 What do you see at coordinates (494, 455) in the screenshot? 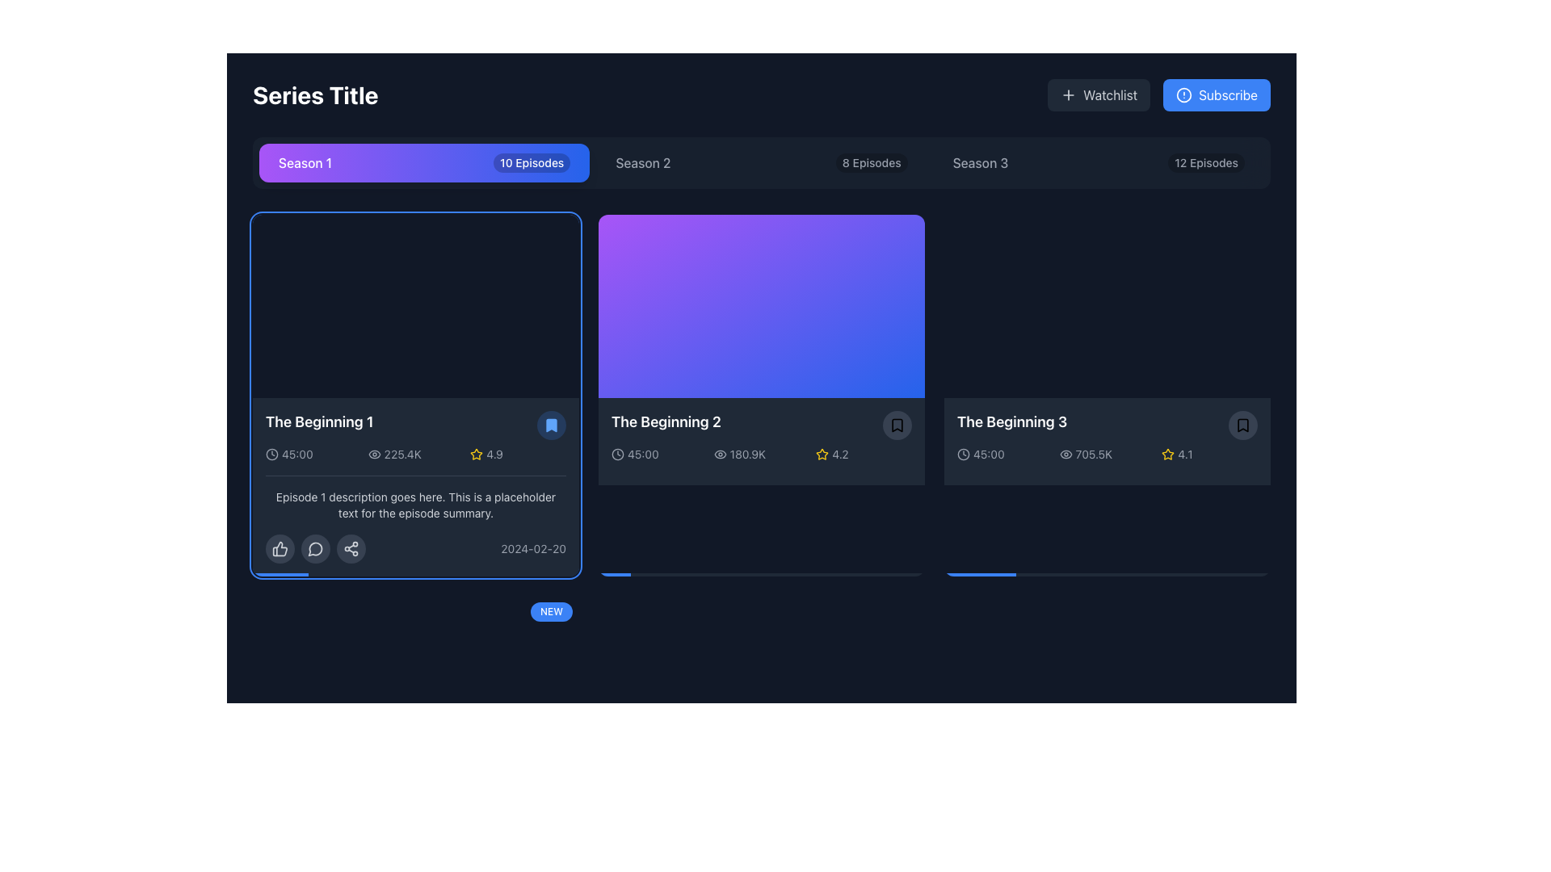
I see `the text label displaying the numeric value '4.9', which is styled in a light-colored font and positioned to the right of a yellow star icon within the episode listing card for 'The Beginning 1'` at bounding box center [494, 455].